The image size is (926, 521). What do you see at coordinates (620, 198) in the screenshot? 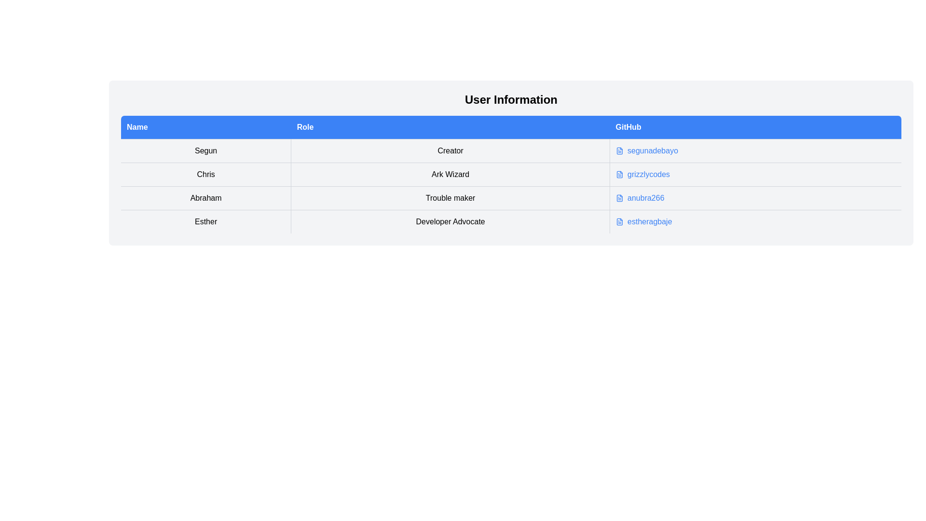
I see `the document icon representing a GitHub repository associated with Abraham, located in the table under the 'GitHub' header` at bounding box center [620, 198].